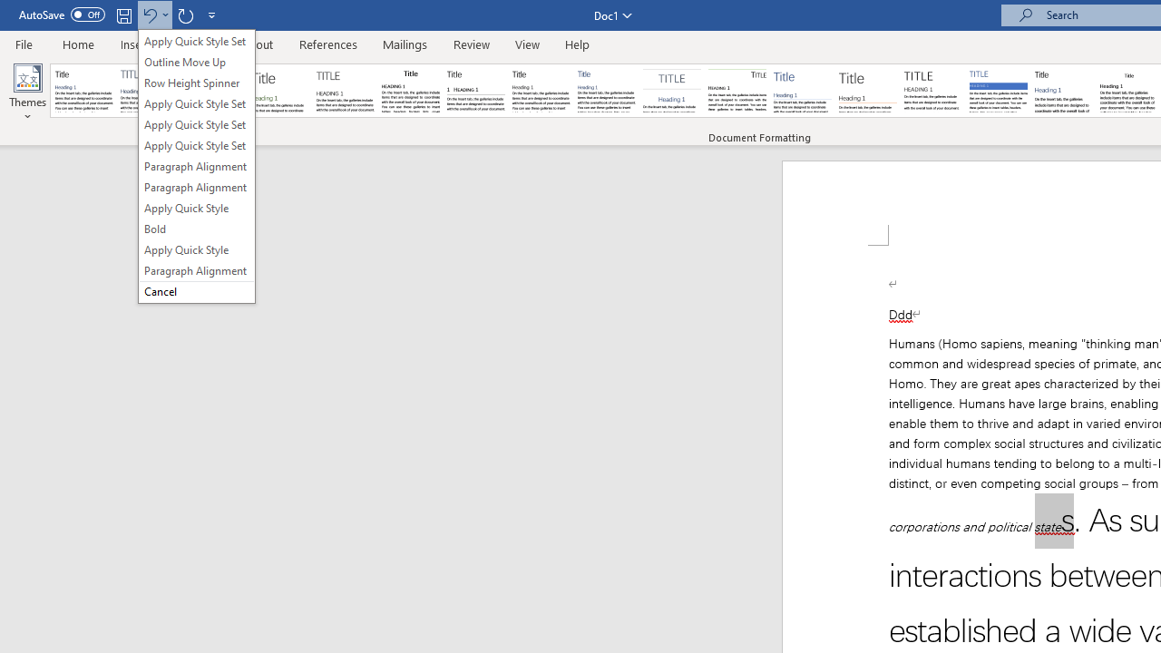 The width and height of the screenshot is (1161, 653). Describe the element at coordinates (27, 93) in the screenshot. I see `'Themes'` at that location.